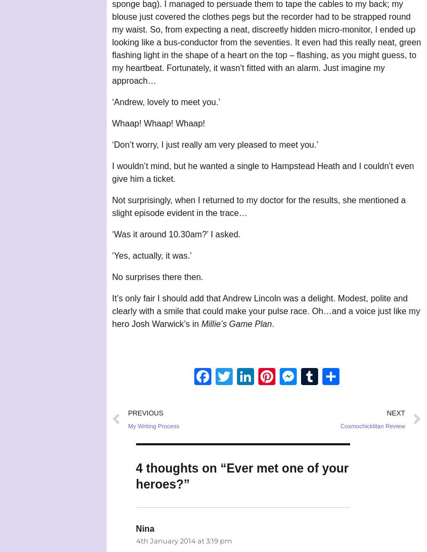 This screenshot has height=552, width=427. Describe the element at coordinates (266, 310) in the screenshot. I see `'It’s only fair I should add that Andrew Lincoln was a delight. Modest, polite and clearly with a smile that could make your pulse race. Oh…and a voice just like my hero Josh Warwick’s in'` at that location.